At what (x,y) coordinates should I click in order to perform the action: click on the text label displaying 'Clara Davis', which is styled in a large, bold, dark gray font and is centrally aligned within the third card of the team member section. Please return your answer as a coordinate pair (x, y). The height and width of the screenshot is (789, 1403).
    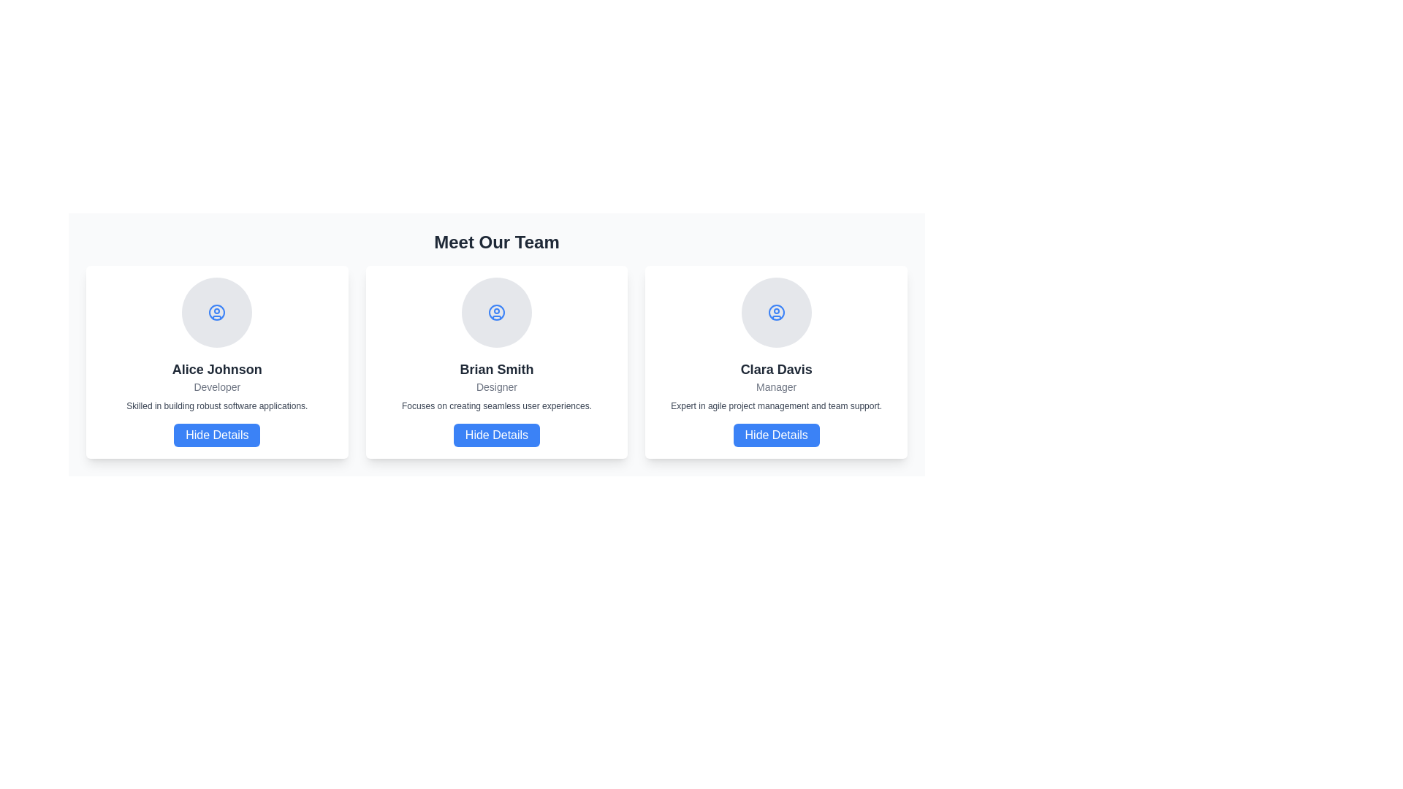
    Looking at the image, I should click on (775, 368).